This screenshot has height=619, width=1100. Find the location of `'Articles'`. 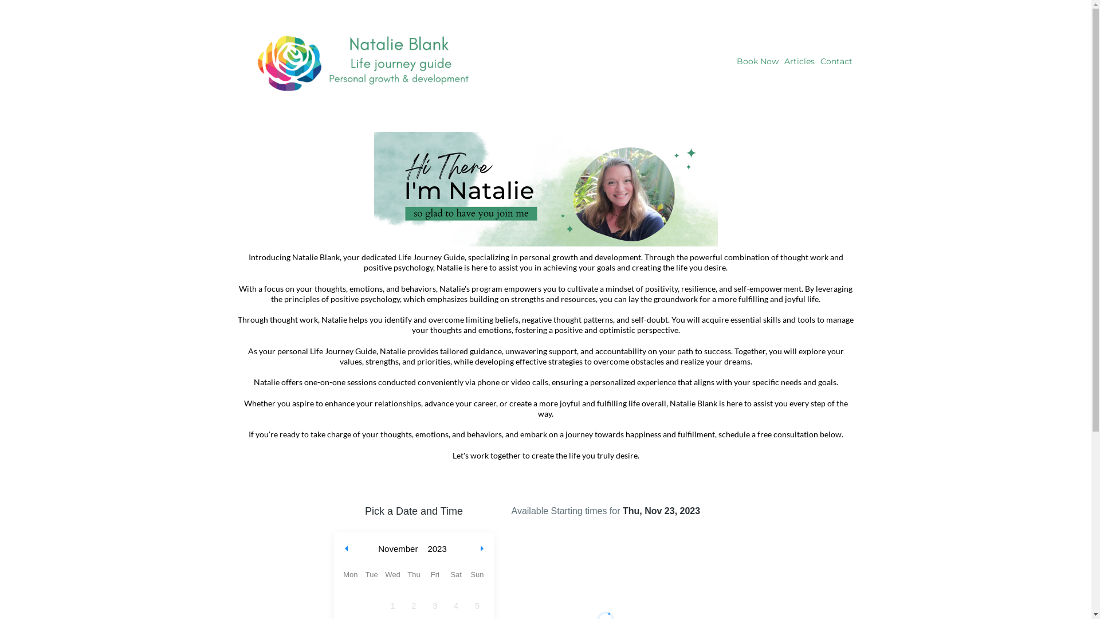

'Articles' is located at coordinates (799, 61).